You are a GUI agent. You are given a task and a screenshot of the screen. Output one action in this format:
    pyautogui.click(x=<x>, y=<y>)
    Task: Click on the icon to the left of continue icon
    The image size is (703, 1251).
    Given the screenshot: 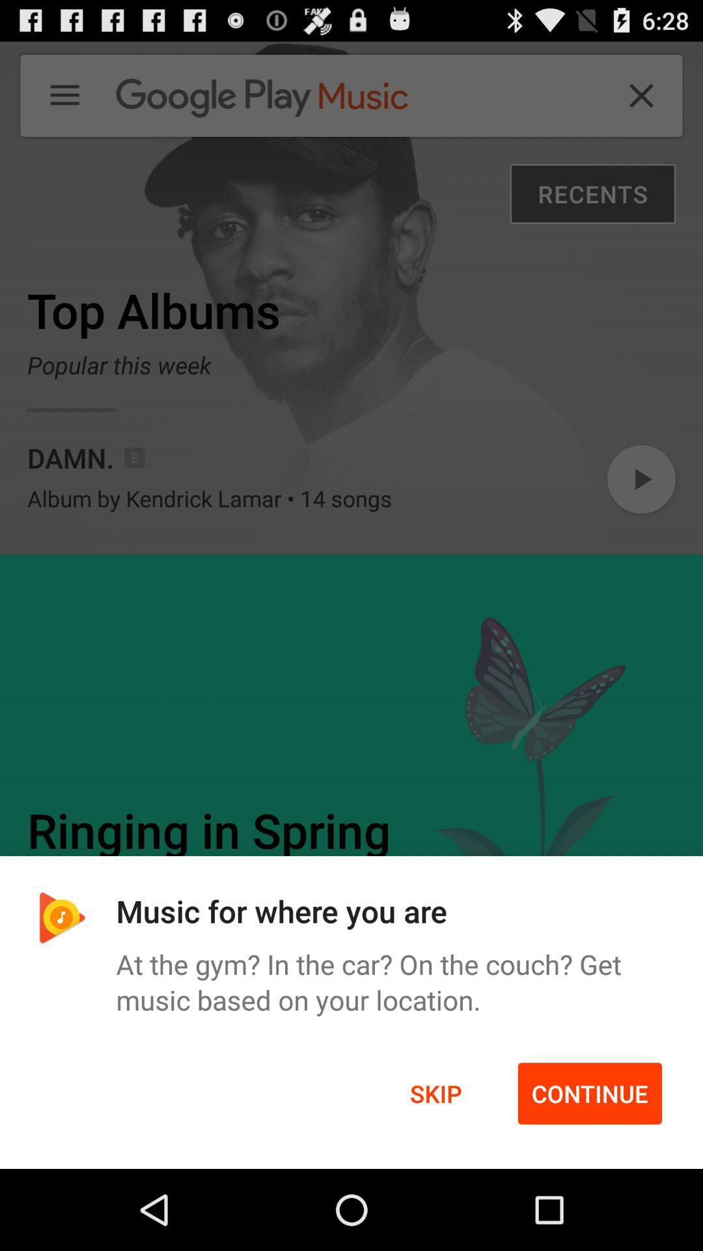 What is the action you would take?
    pyautogui.click(x=435, y=1093)
    